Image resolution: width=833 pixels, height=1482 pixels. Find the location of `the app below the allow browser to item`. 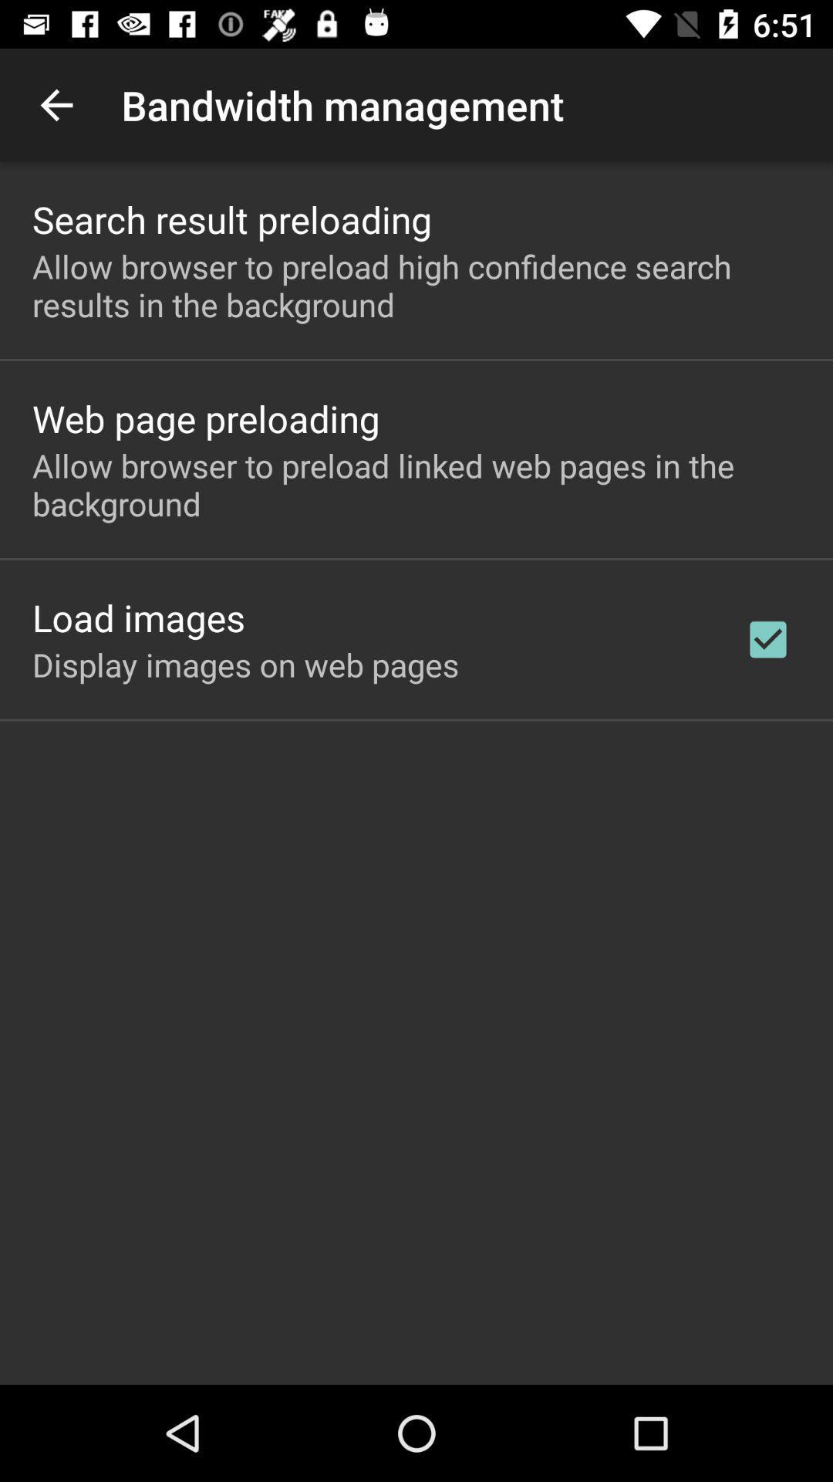

the app below the allow browser to item is located at coordinates (205, 418).